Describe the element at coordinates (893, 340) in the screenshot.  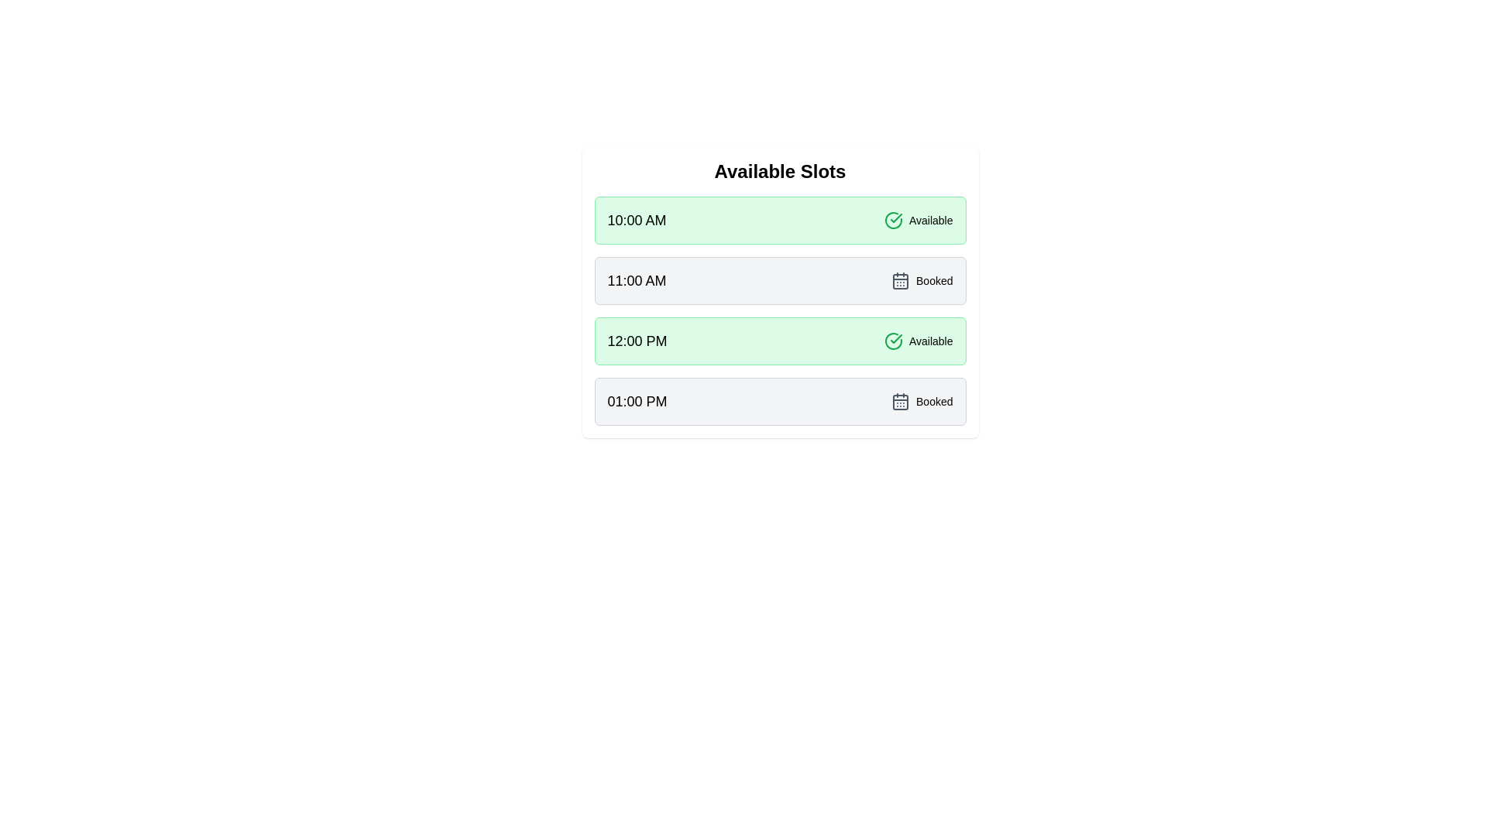
I see `the status icon for 12:00 PM to view its meaning` at that location.